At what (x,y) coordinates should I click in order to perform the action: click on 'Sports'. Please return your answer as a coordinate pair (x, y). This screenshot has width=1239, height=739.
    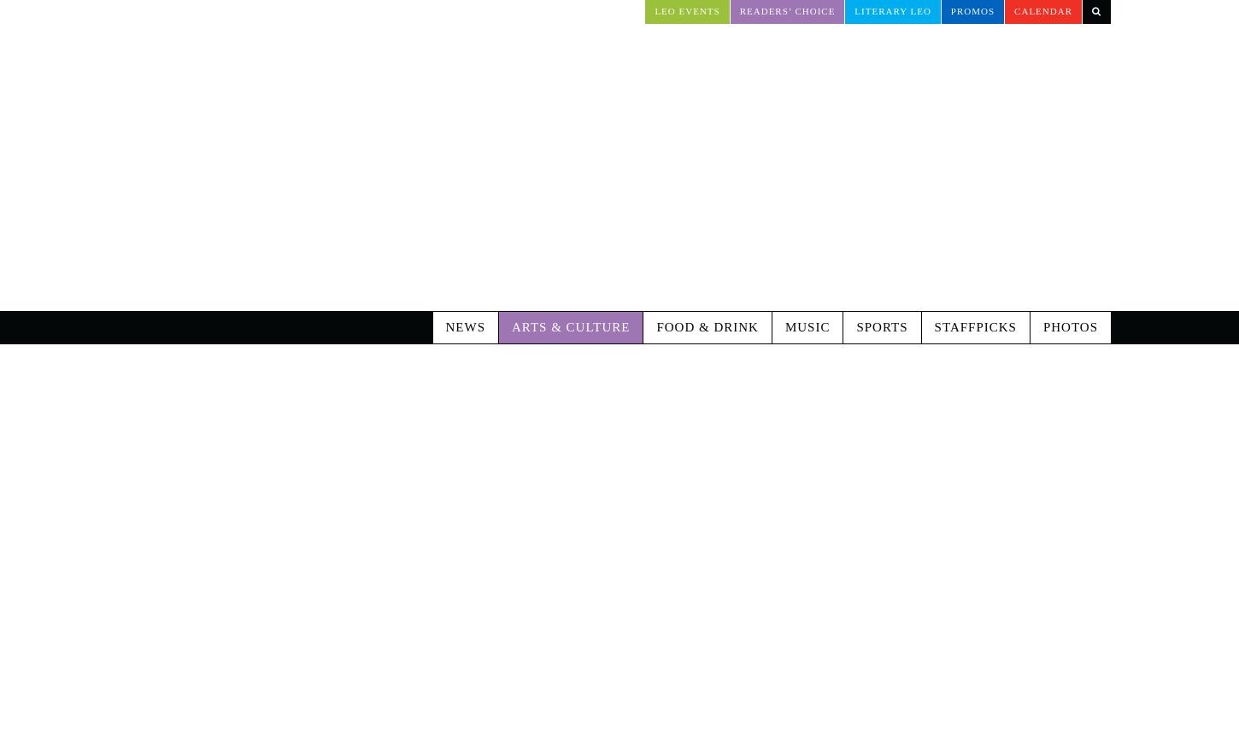
    Looking at the image, I should click on (855, 255).